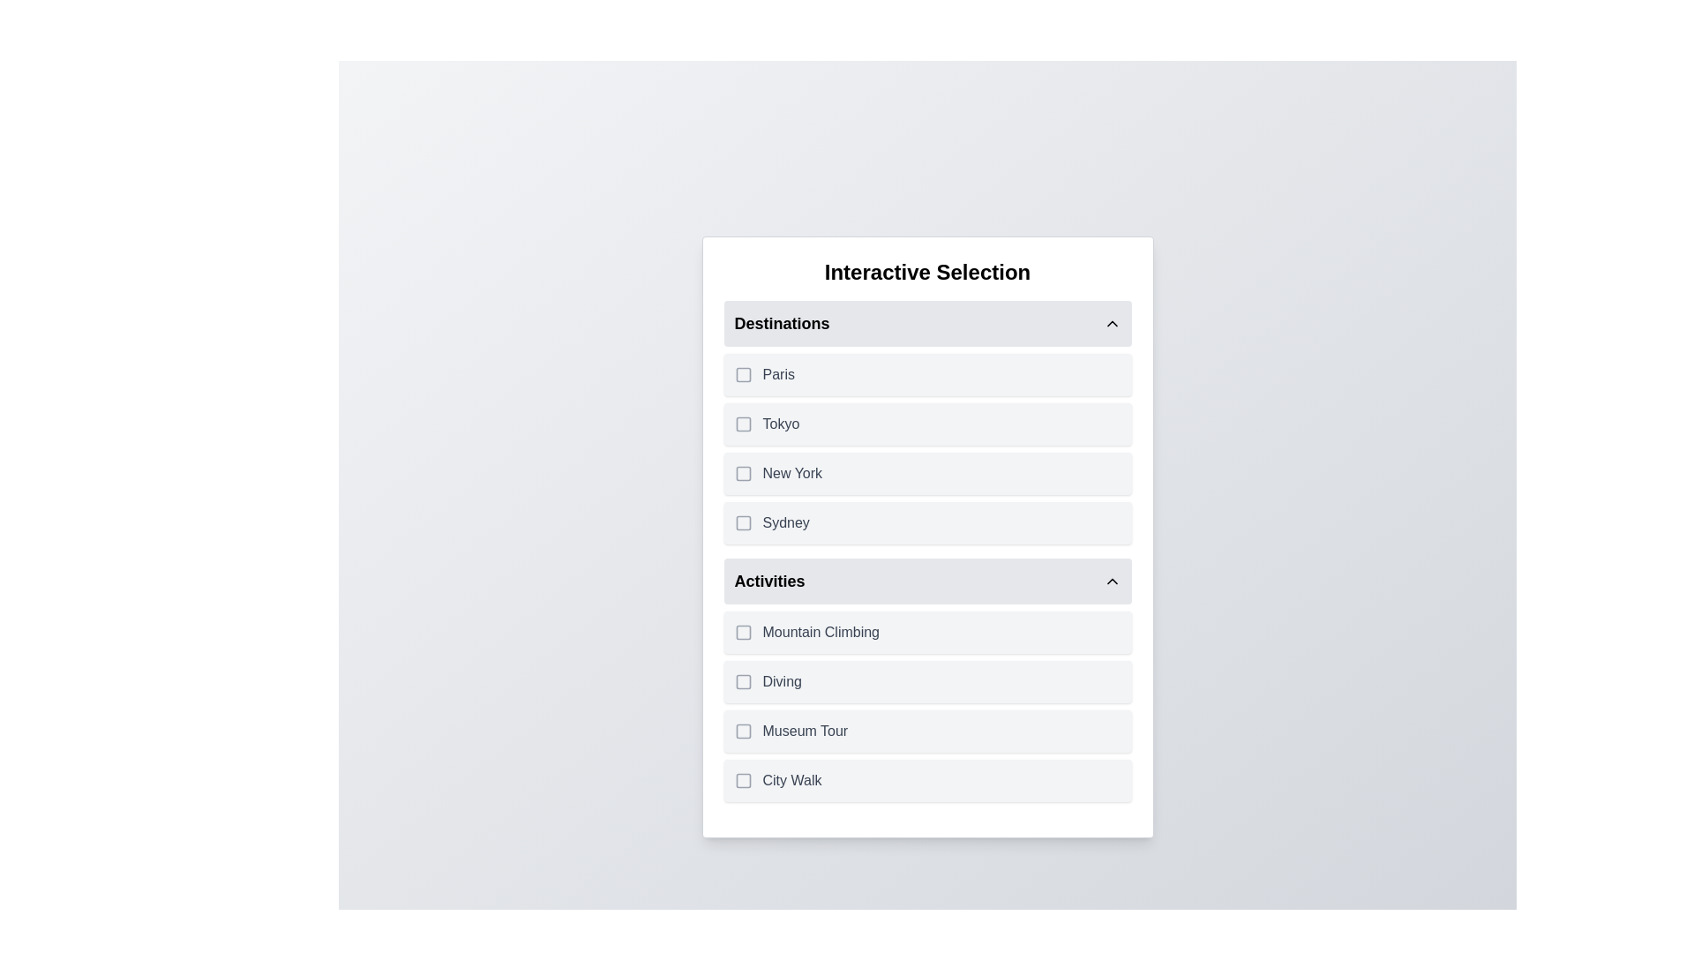 The width and height of the screenshot is (1694, 953). What do you see at coordinates (926, 632) in the screenshot?
I see `the item Mountain Climbing to trigger its hover effect` at bounding box center [926, 632].